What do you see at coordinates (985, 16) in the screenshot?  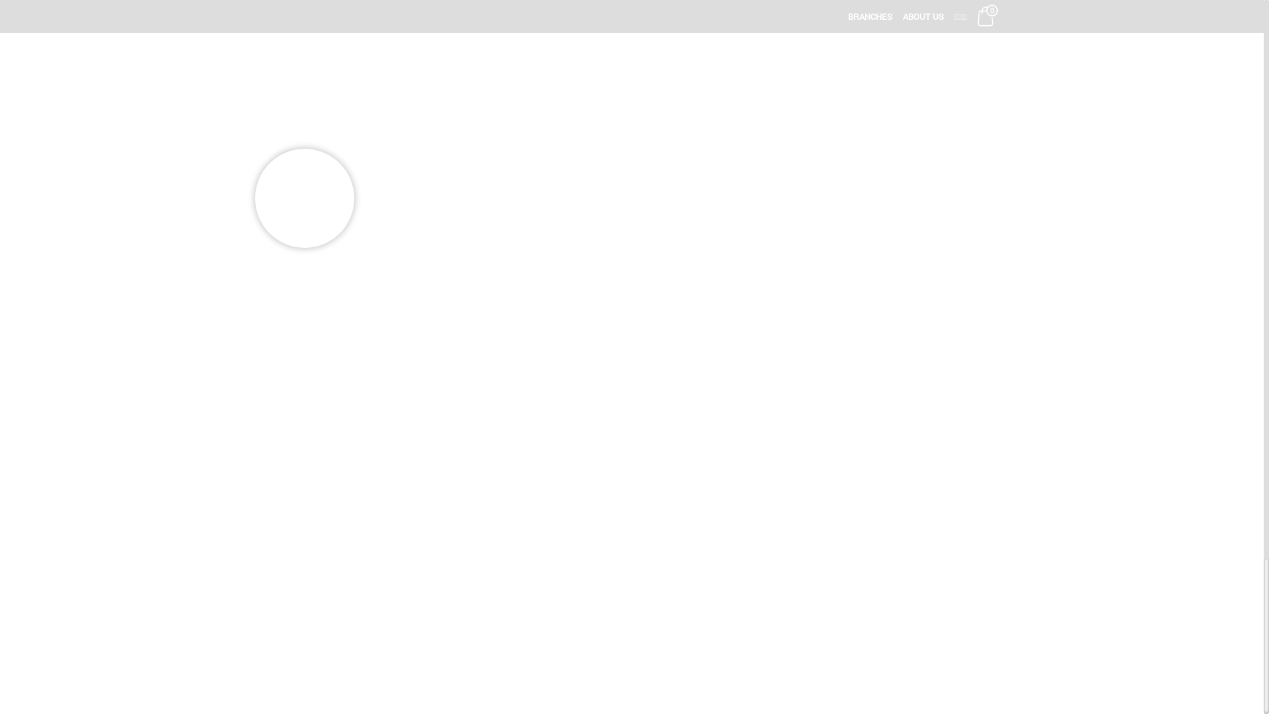 I see `'0'` at bounding box center [985, 16].